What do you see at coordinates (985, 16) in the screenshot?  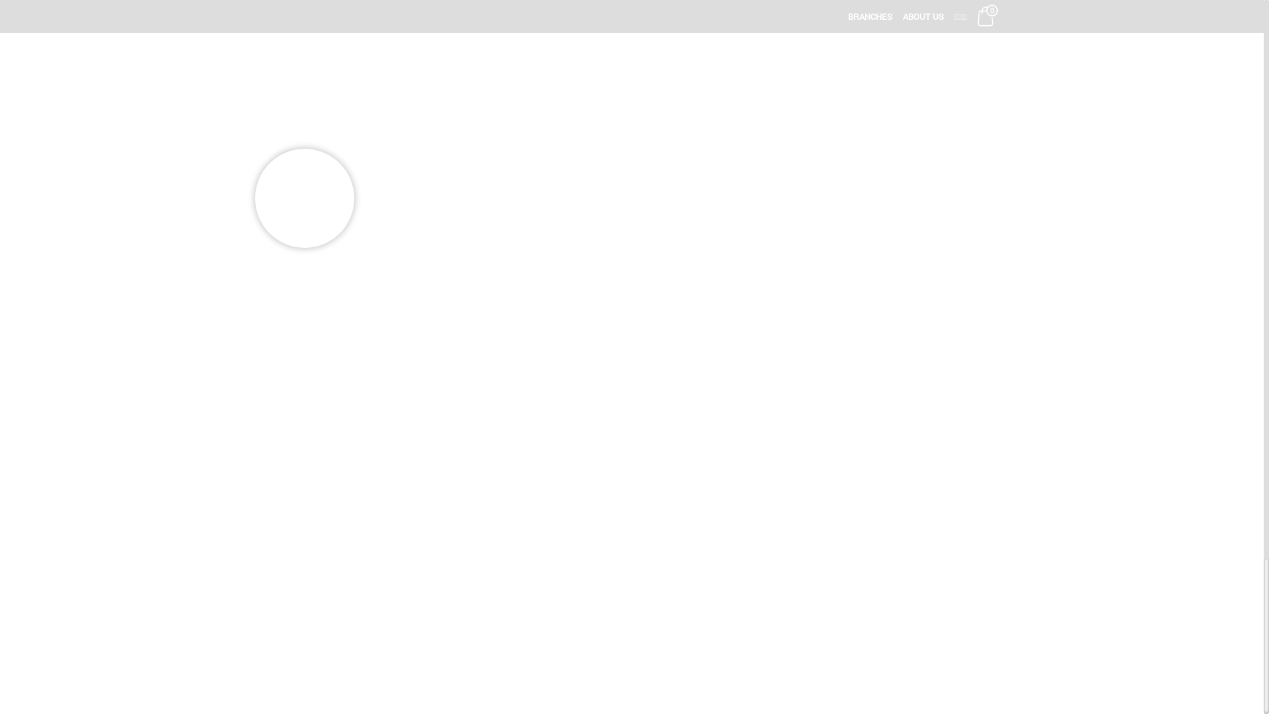 I see `'0'` at bounding box center [985, 16].